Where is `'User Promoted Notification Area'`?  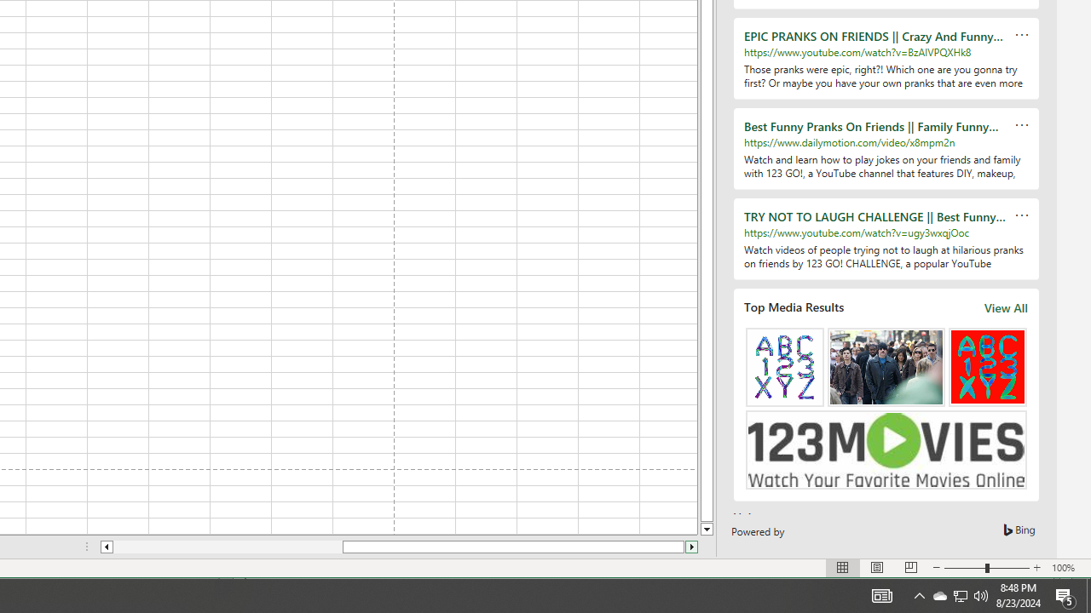 'User Promoted Notification Area' is located at coordinates (961, 594).